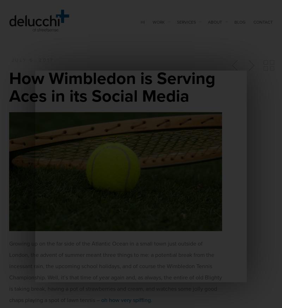 Image resolution: width=282 pixels, height=308 pixels. Describe the element at coordinates (152, 300) in the screenshot. I see `'.'` at that location.